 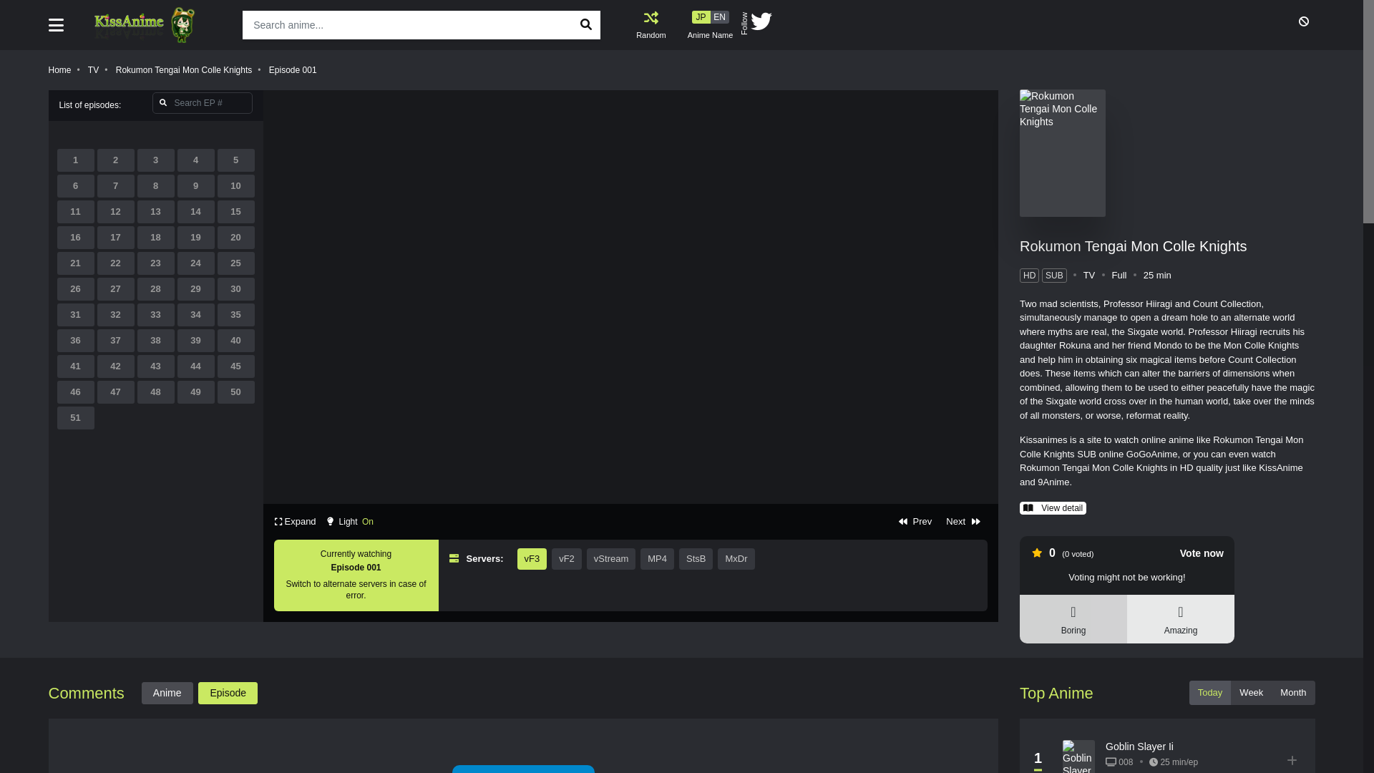 What do you see at coordinates (1133, 245) in the screenshot?
I see `'Rokumon Tengai Mon Colle Knights'` at bounding box center [1133, 245].